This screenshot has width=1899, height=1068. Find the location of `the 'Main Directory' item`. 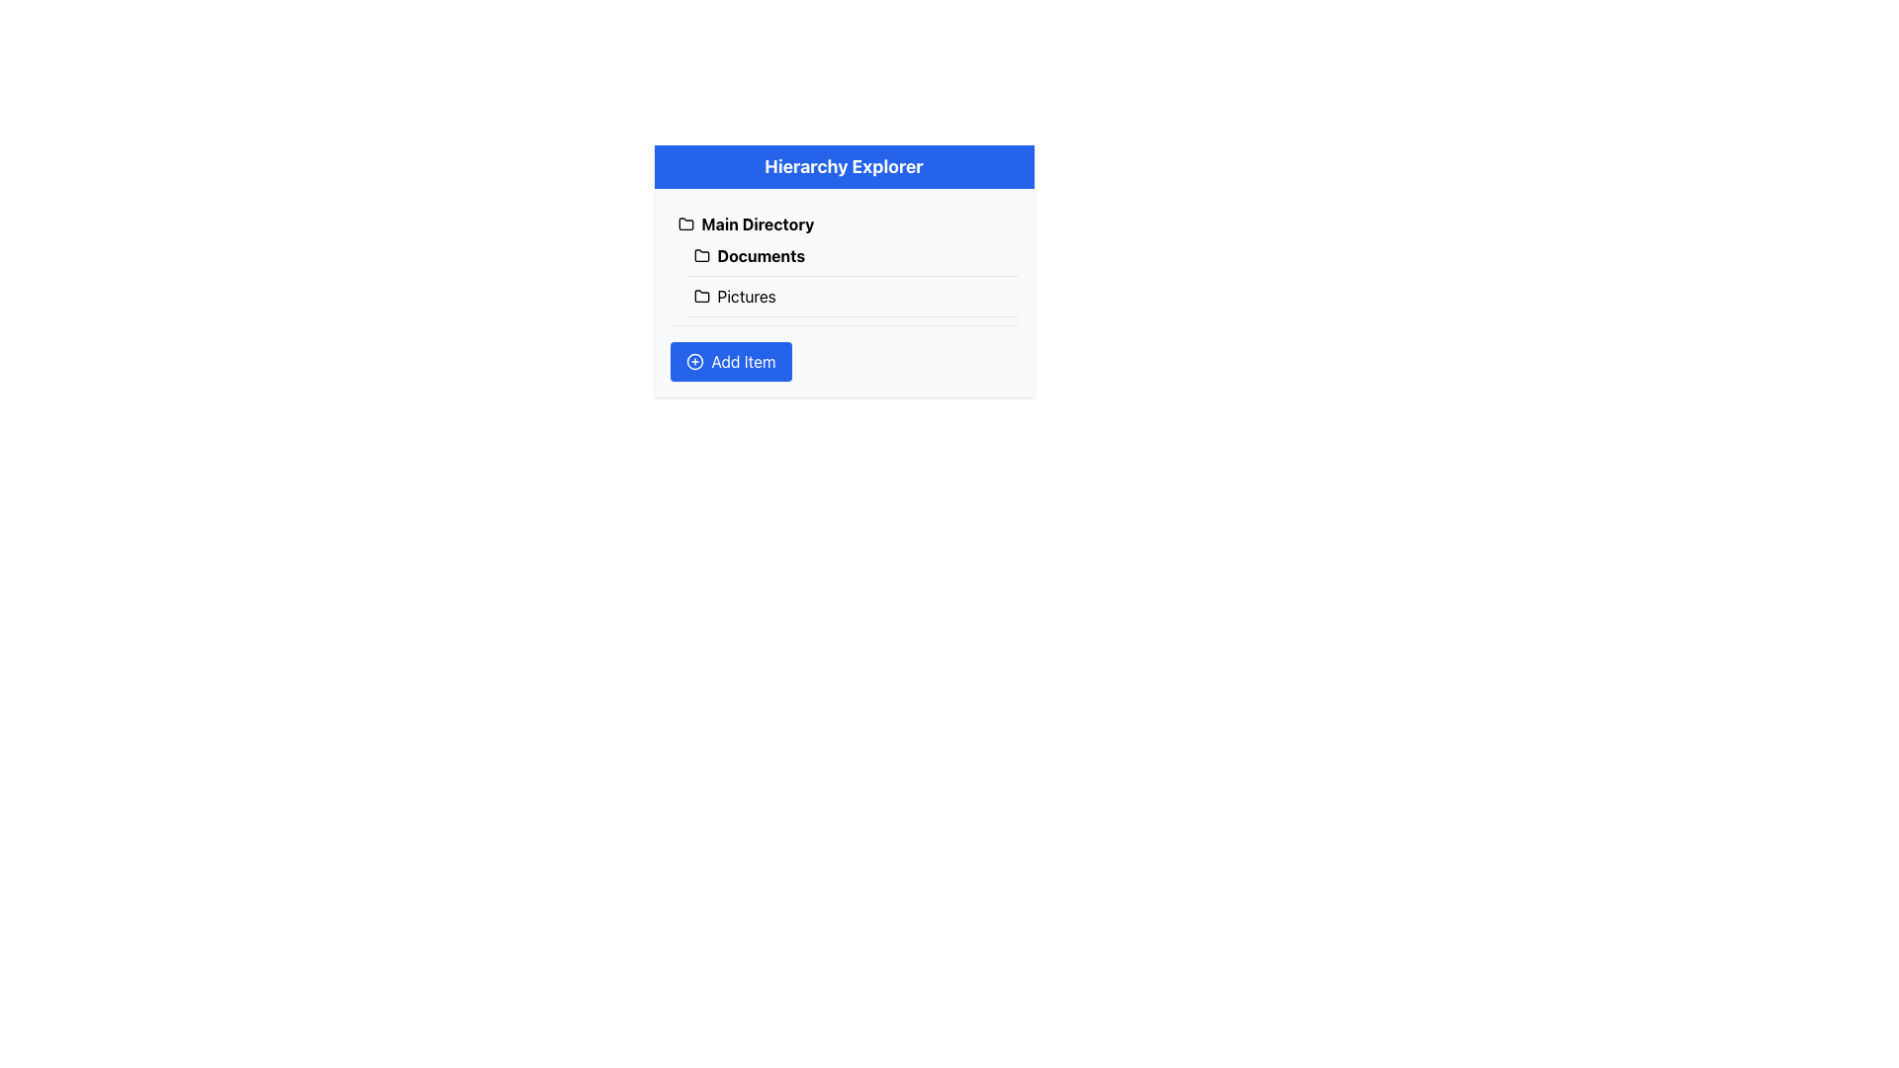

the 'Main Directory' item is located at coordinates (844, 223).